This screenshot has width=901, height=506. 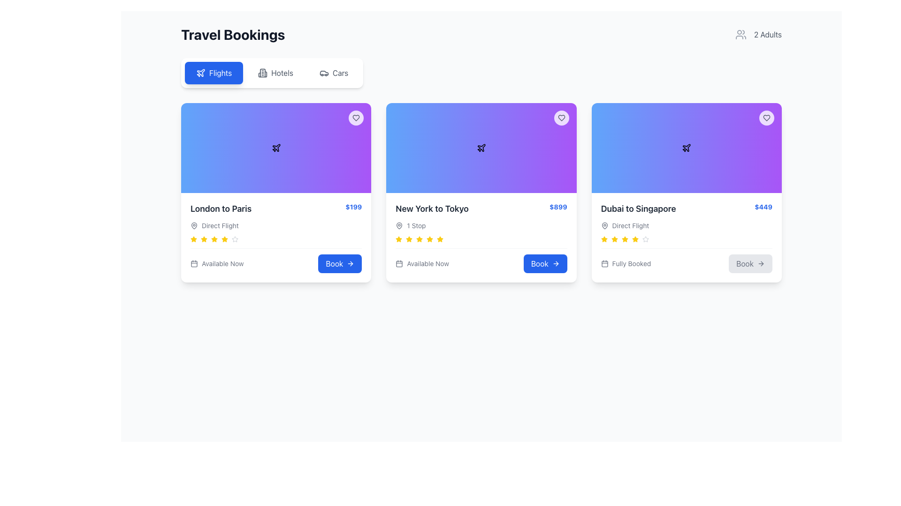 What do you see at coordinates (687, 148) in the screenshot?
I see `the airplane icon within the flight card for 'Dubai to Singapore', which is centrally positioned in the top-colored gradient rectangle` at bounding box center [687, 148].